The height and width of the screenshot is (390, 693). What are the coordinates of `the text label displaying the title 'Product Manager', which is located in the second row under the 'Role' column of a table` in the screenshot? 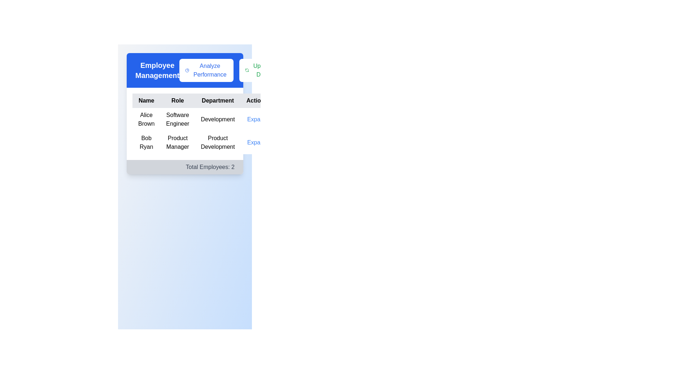 It's located at (178, 142).